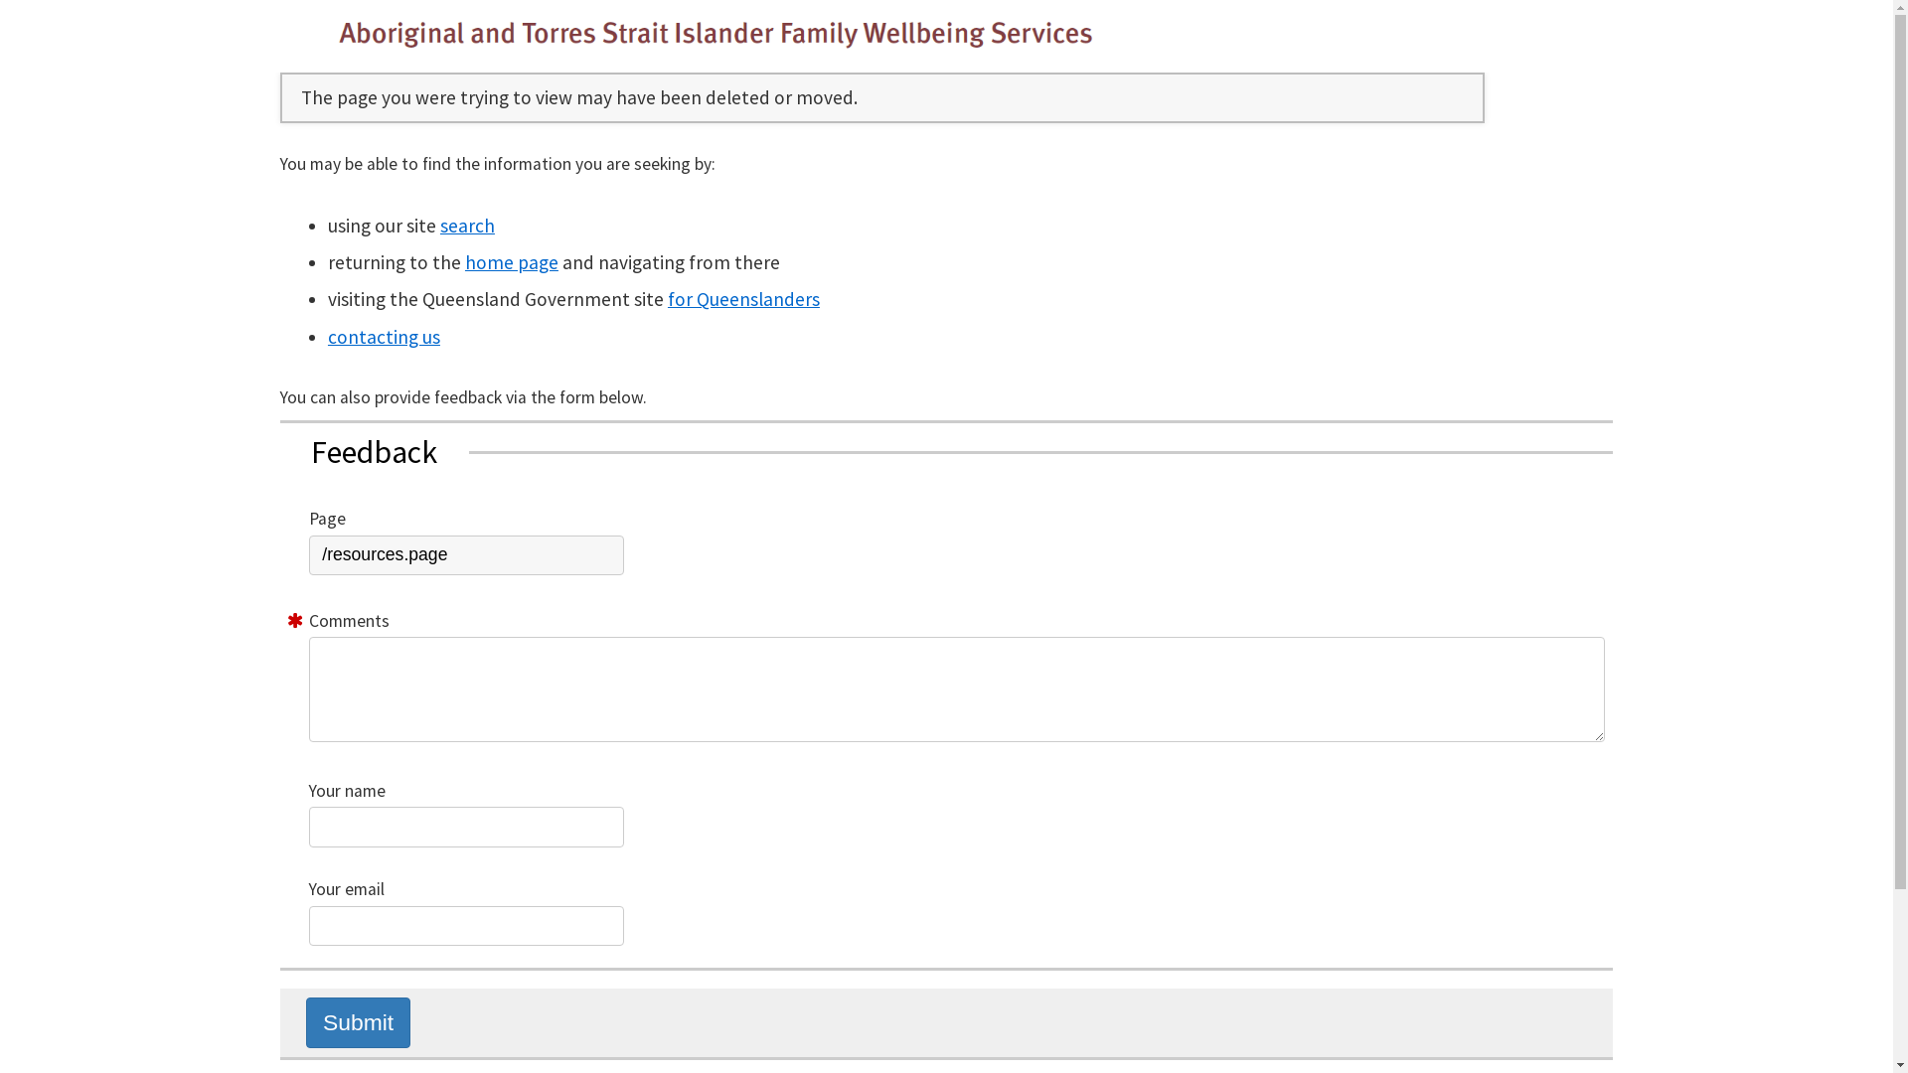  I want to click on 'This field is required', so click(294, 620).